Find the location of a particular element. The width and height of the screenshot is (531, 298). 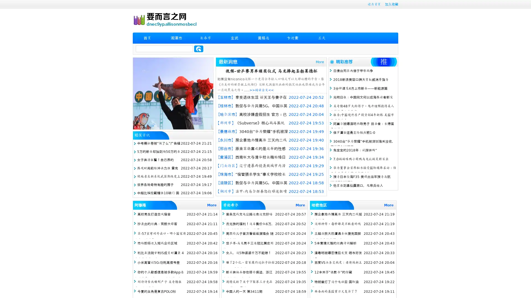

Search is located at coordinates (199, 49).